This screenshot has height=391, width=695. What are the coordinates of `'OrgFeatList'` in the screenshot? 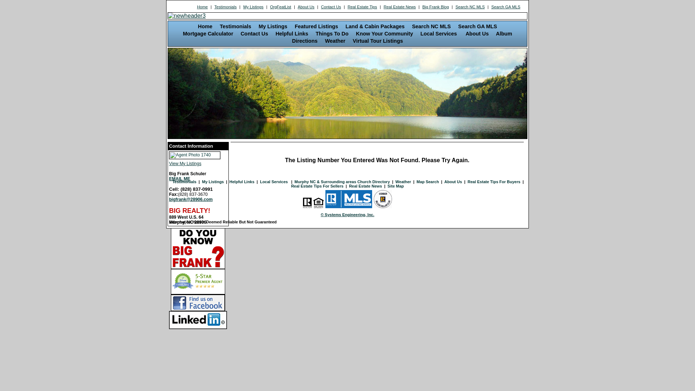 It's located at (280, 7).